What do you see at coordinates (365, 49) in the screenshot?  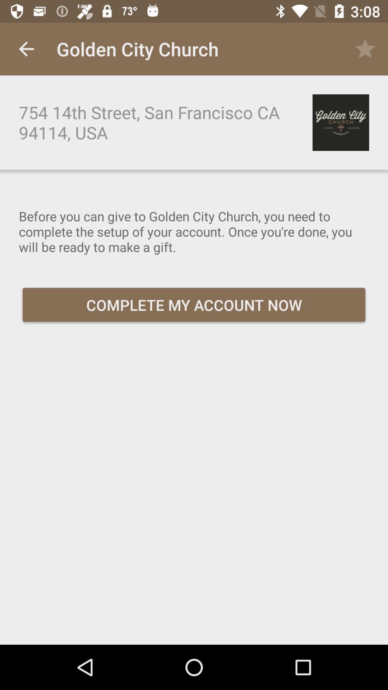 I see `icon next to golden city church icon` at bounding box center [365, 49].